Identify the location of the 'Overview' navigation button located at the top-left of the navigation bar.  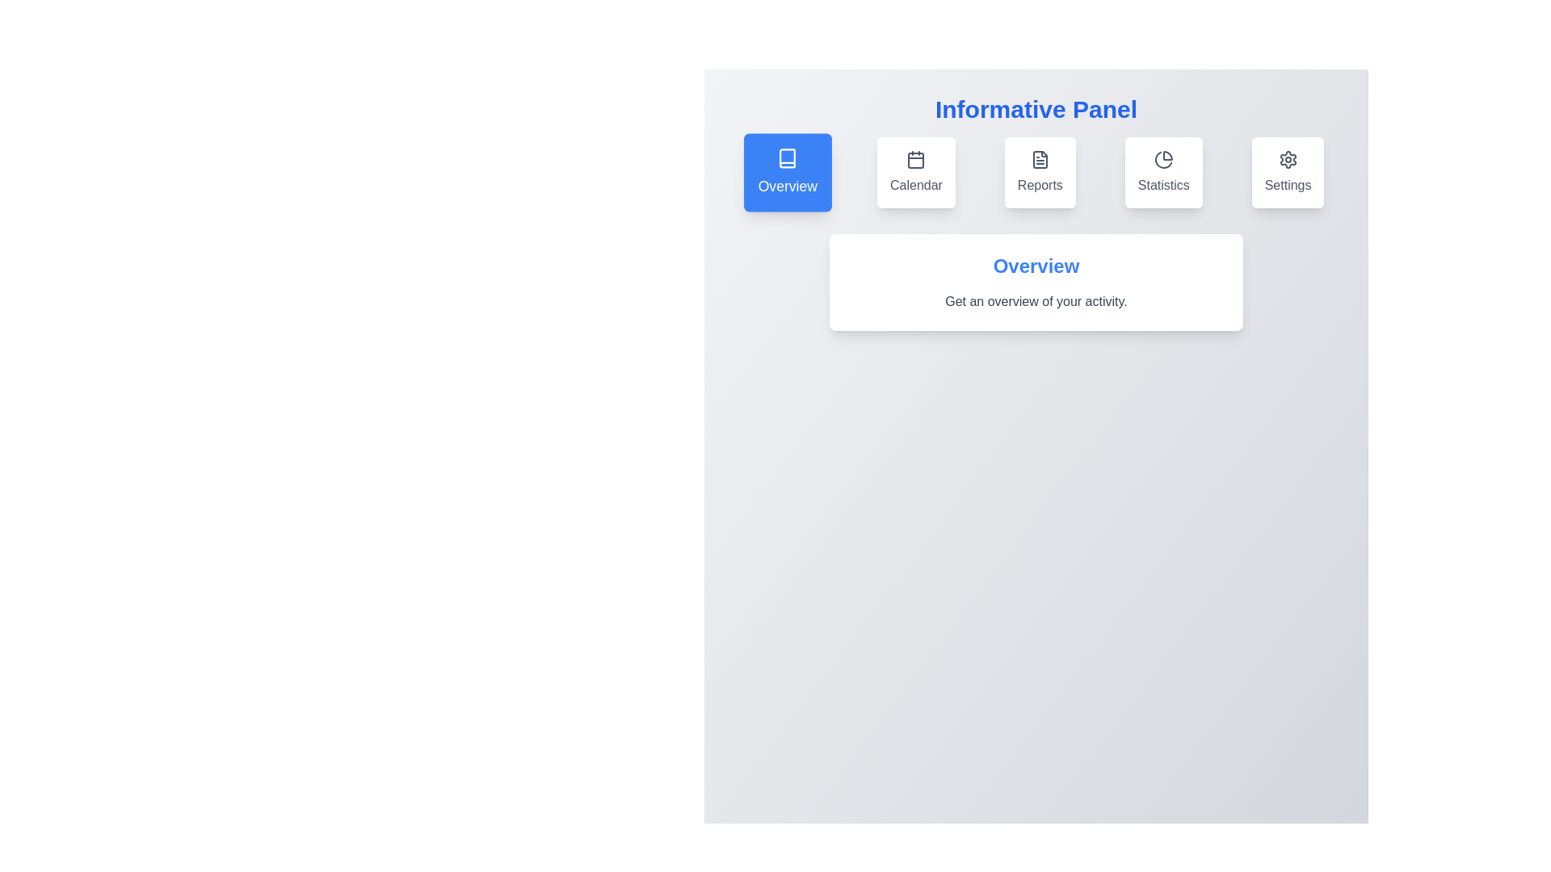
(788, 172).